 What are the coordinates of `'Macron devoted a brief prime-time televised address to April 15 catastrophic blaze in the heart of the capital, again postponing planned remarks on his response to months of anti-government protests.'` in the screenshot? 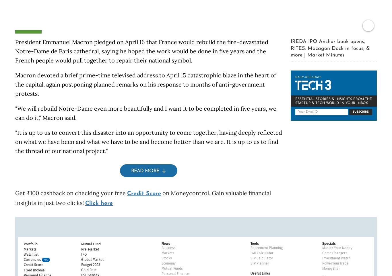 It's located at (15, 84).